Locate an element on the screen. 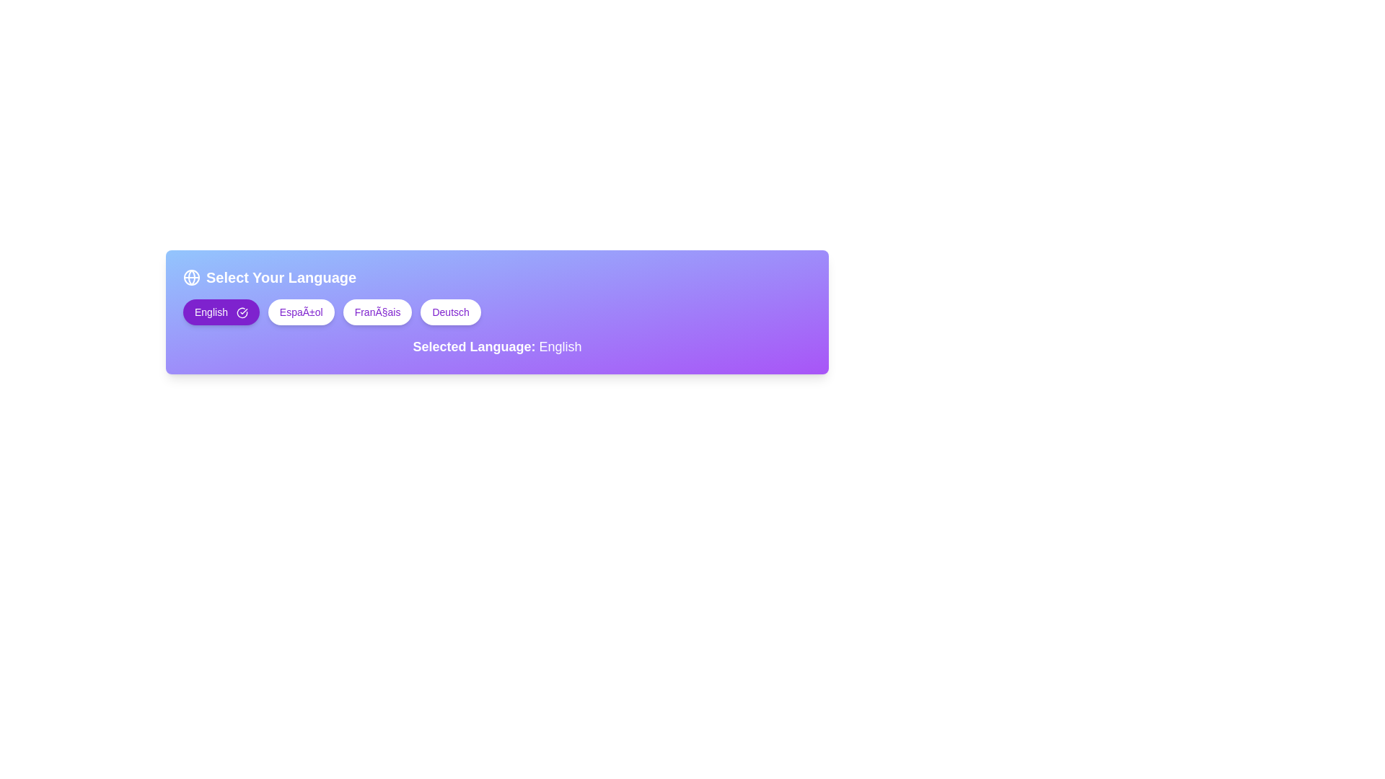 This screenshot has height=779, width=1385. the 'Deutsch' language selection button is located at coordinates (450, 311).